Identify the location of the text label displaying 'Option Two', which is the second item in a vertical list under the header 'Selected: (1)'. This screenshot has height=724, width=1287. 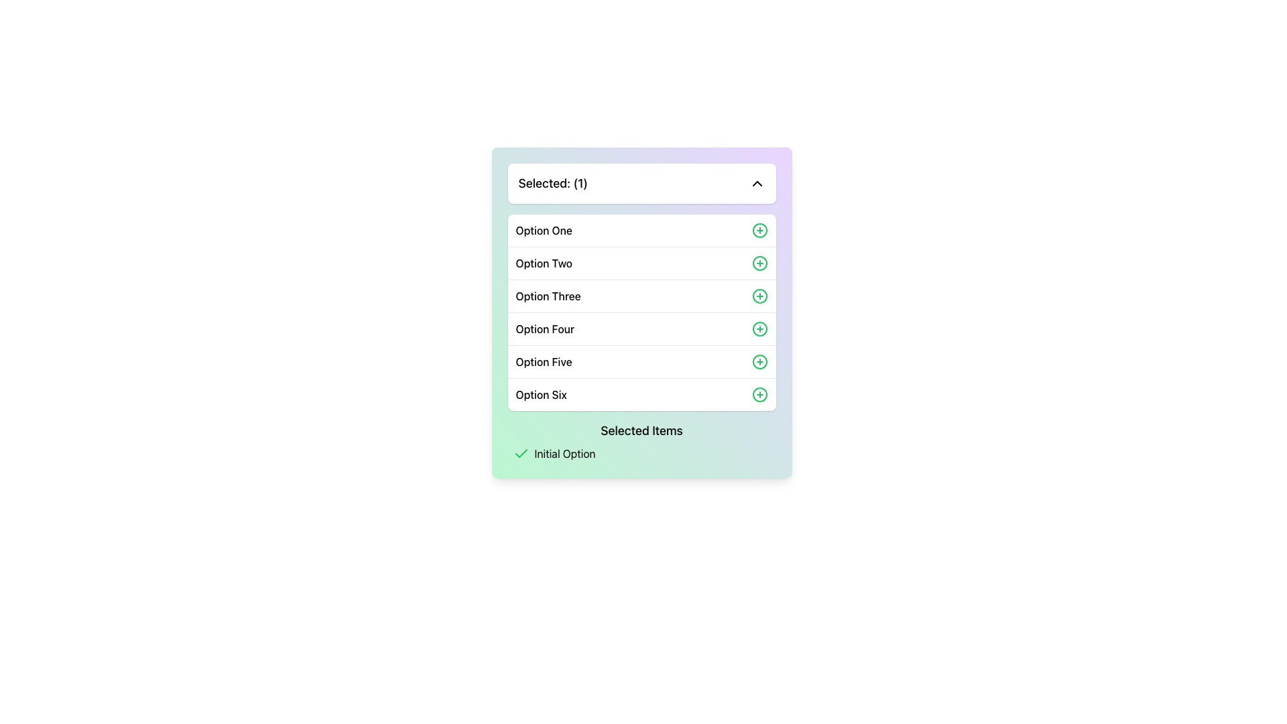
(544, 263).